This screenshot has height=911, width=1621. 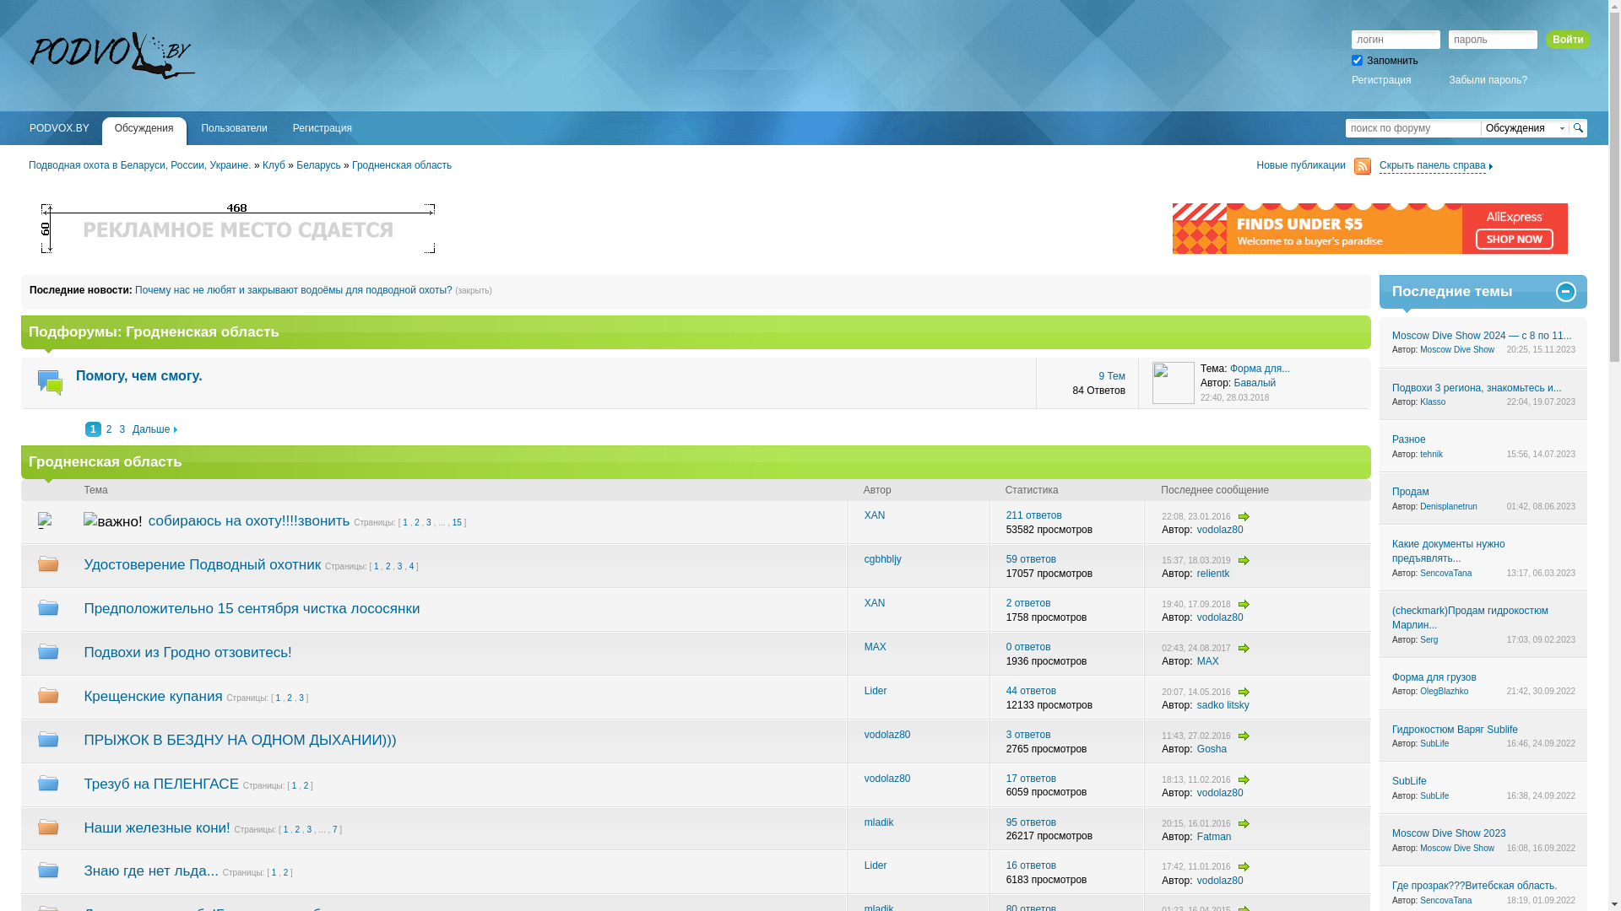 I want to click on '2', so click(x=298, y=828).